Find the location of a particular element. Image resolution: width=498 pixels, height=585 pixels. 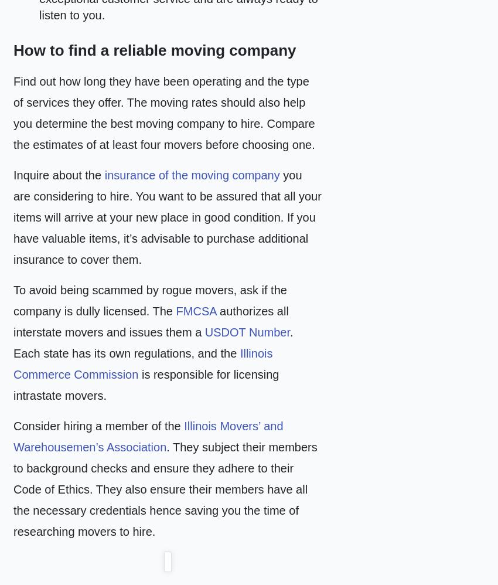

'authorizes all interstate movers and issues them a' is located at coordinates (150, 321).